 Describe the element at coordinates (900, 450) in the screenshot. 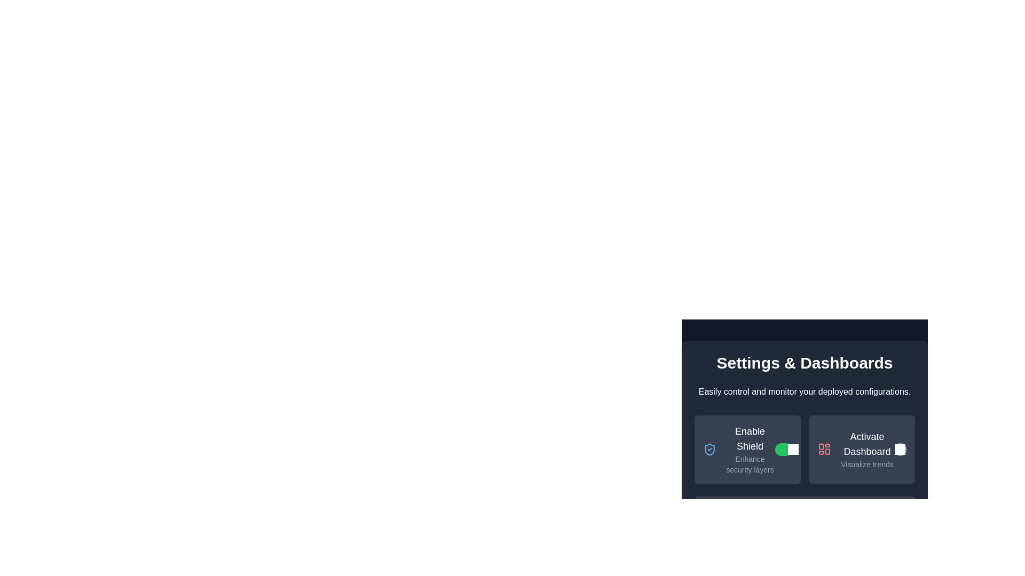

I see `the toggle switch styled with a gray background and a white circular handle, located in the center-right of the 'Activate Dashboard' card` at that location.